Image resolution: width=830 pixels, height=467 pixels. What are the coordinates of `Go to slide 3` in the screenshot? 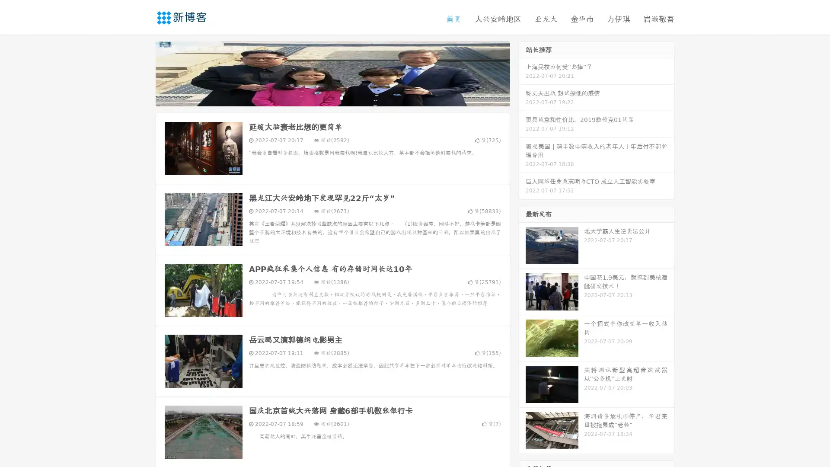 It's located at (341, 97).